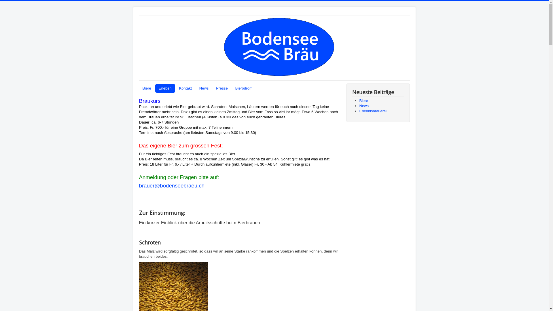  What do you see at coordinates (363, 100) in the screenshot?
I see `'Biere'` at bounding box center [363, 100].